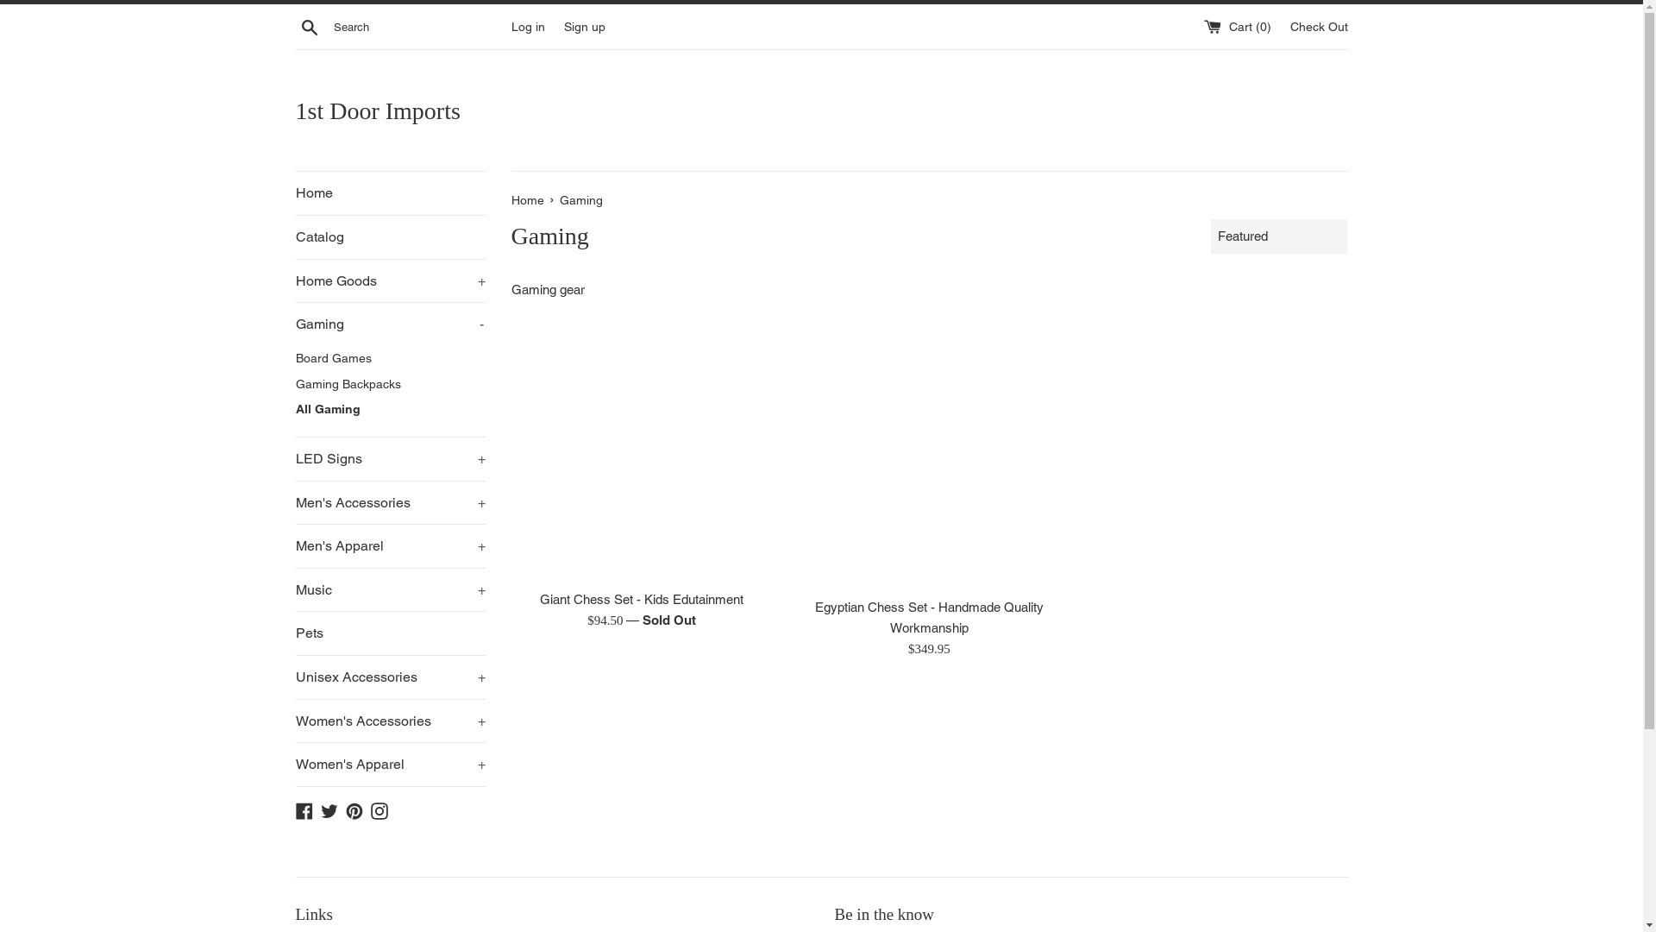  What do you see at coordinates (526, 26) in the screenshot?
I see `'Log in'` at bounding box center [526, 26].